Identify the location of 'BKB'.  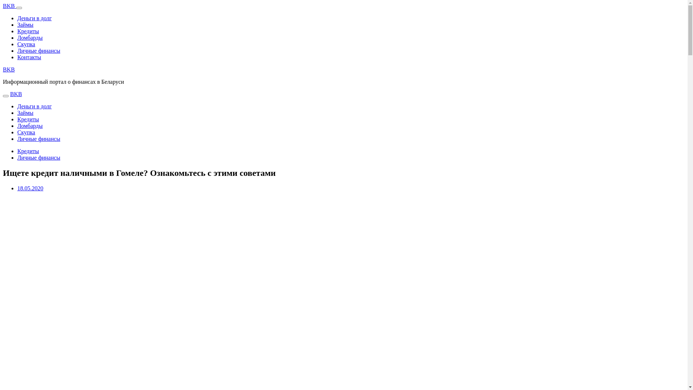
(16, 94).